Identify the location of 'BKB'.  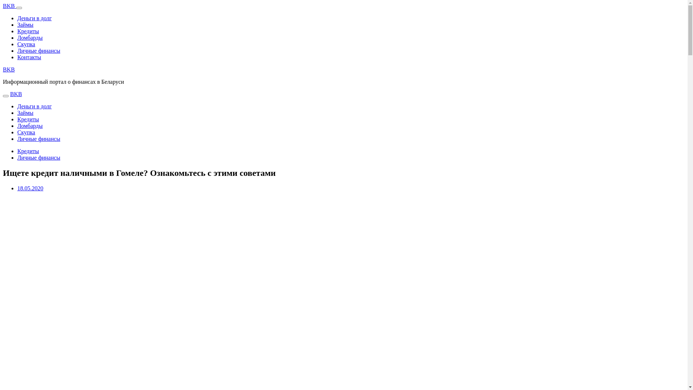
(16, 94).